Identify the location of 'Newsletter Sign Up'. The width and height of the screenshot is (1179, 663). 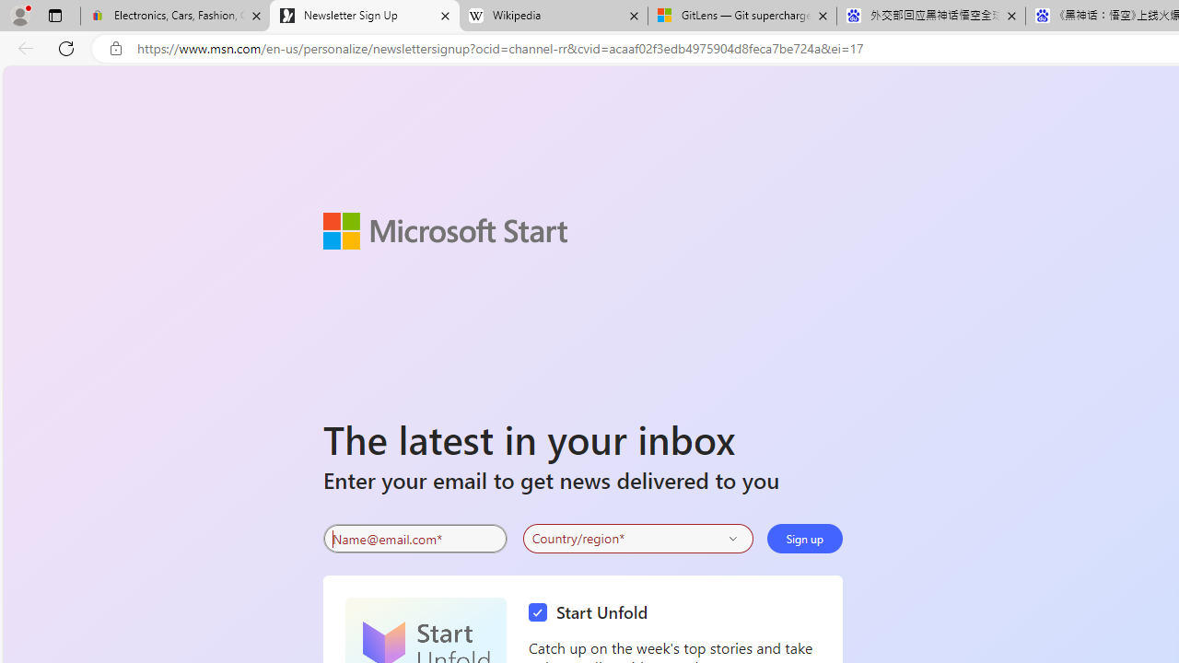
(365, 16).